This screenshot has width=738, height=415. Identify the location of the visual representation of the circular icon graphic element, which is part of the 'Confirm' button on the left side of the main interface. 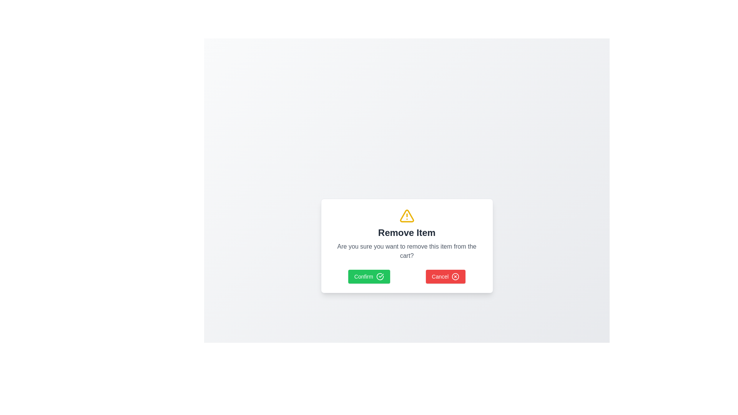
(380, 277).